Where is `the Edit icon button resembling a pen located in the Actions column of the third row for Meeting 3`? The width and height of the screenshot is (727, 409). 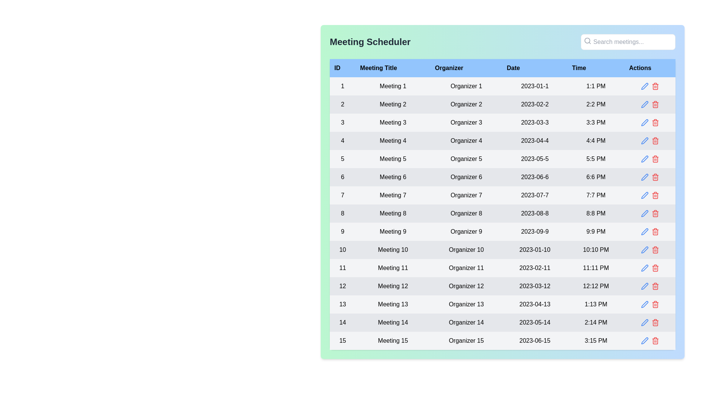
the Edit icon button resembling a pen located in the Actions column of the third row for Meeting 3 is located at coordinates (644, 122).